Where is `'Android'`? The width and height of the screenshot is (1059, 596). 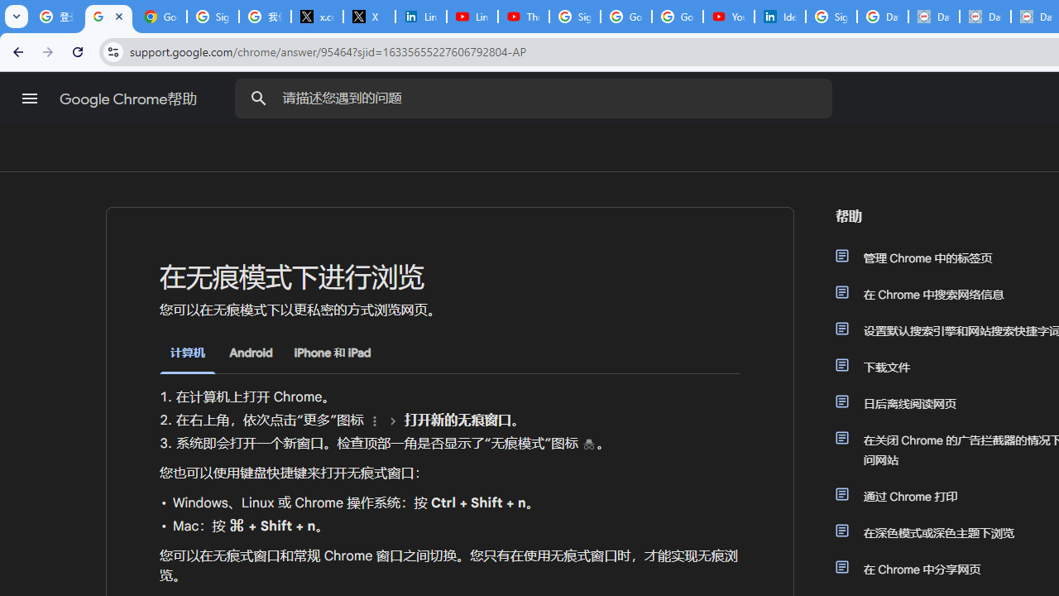 'Android' is located at coordinates (250, 352).